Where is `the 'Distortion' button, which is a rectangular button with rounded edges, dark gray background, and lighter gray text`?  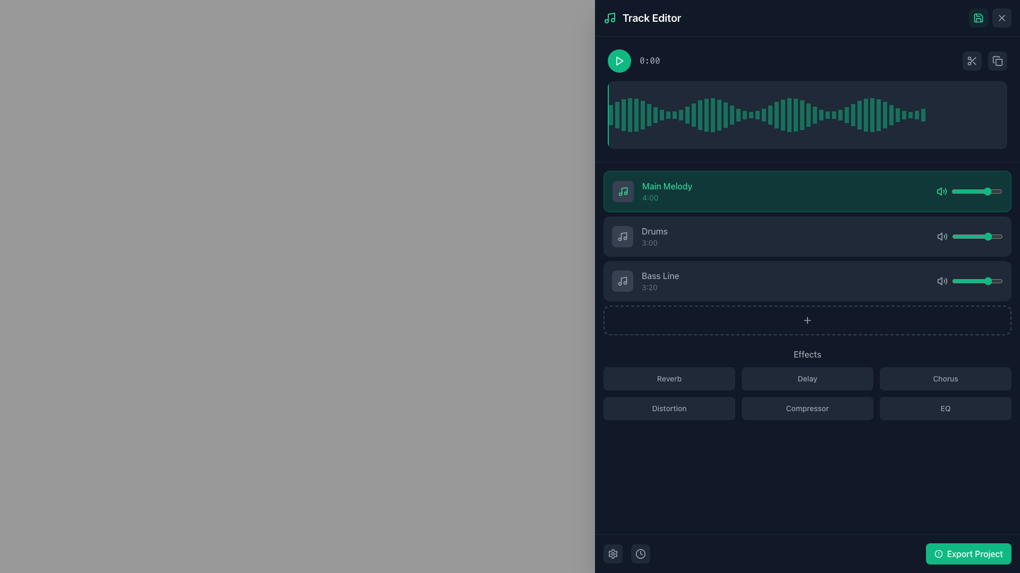
the 'Distortion' button, which is a rectangular button with rounded edges, dark gray background, and lighter gray text is located at coordinates (668, 408).